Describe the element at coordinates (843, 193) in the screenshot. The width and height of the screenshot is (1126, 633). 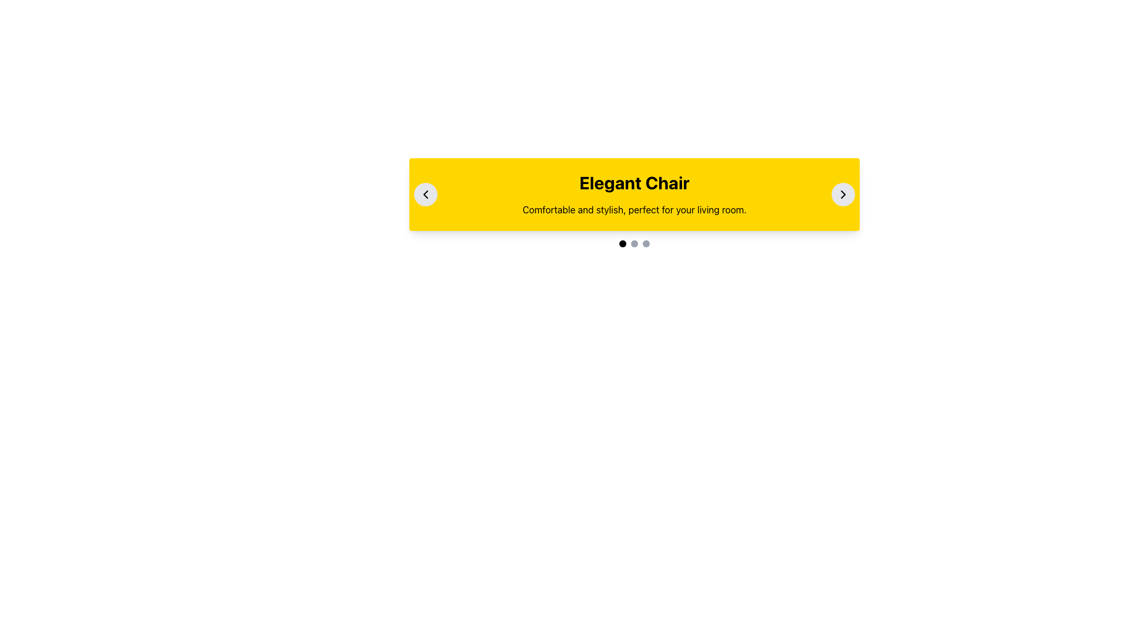
I see `the black chevron icon within the circular button located on the far-right side of the yellow card` at that location.